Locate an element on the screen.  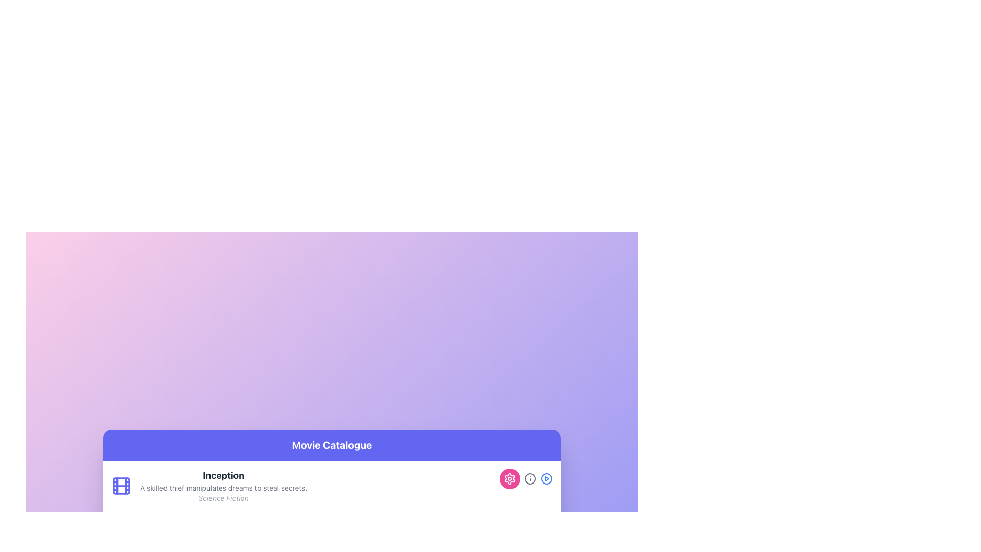
the film reel icon styled in indigo color, which is positioned to the left of the text block starting with the movie title 'Inception' is located at coordinates (122, 485).